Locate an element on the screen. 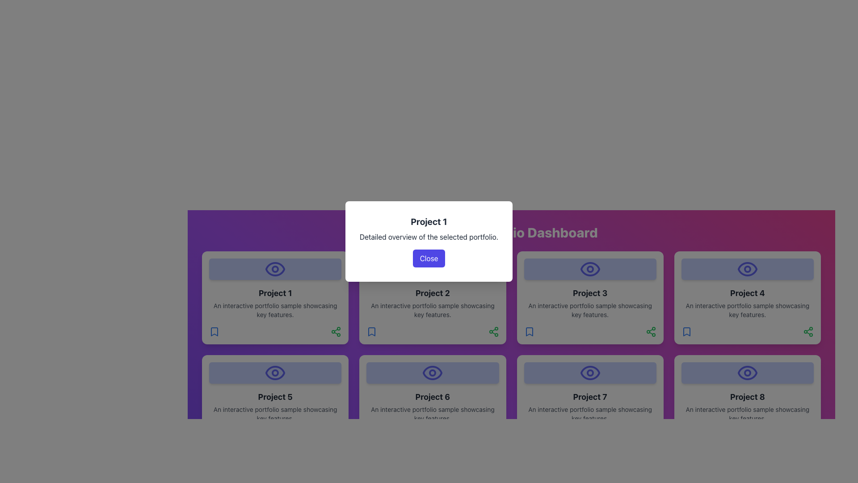 This screenshot has width=858, height=483. the bookmarking icon located at the bottom-left section of the 'Project 4' card in the second row, first column of the grid layout is located at coordinates (686, 331).